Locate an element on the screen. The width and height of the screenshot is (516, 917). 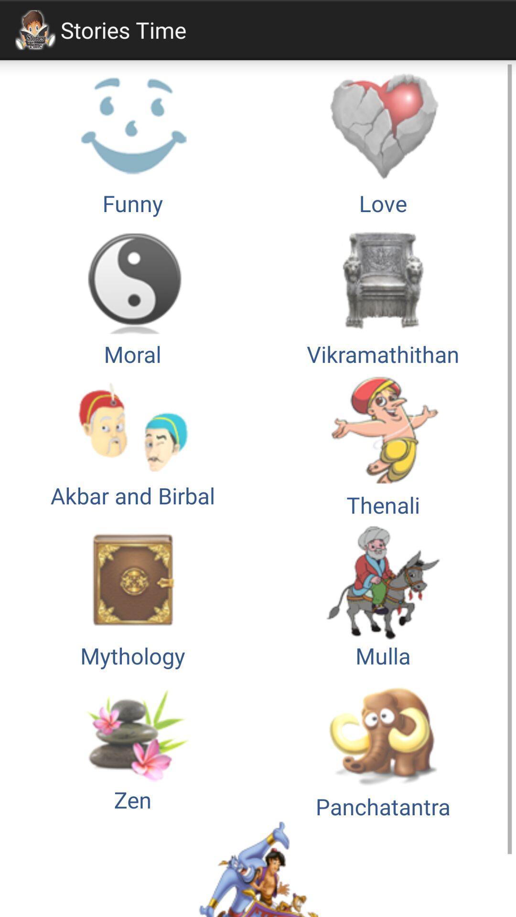
the button to the left of the thenali icon is located at coordinates (132, 595).